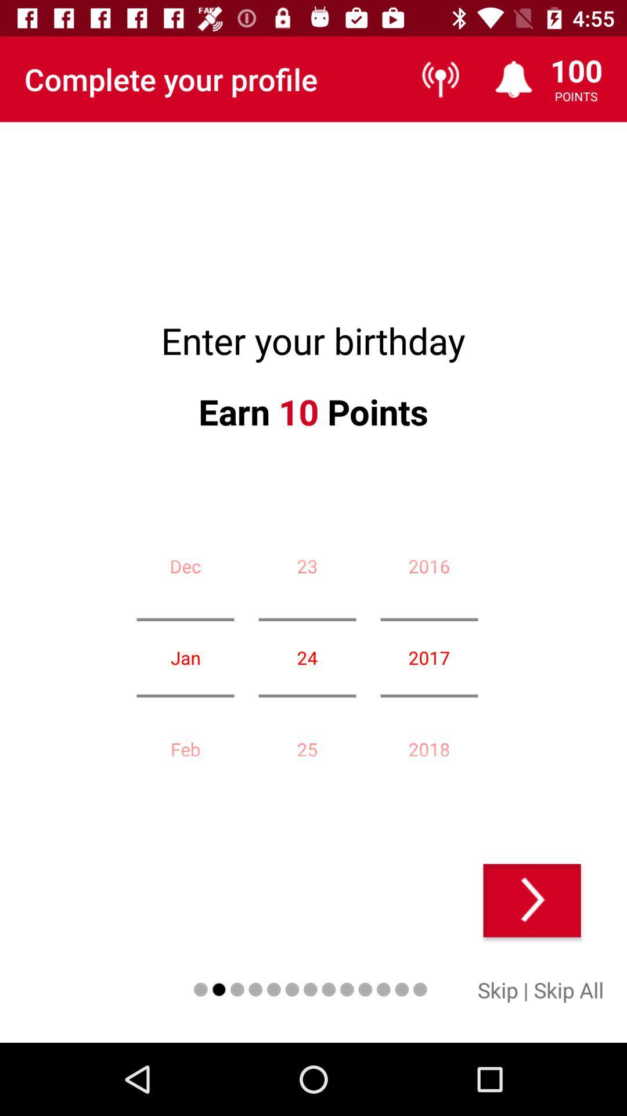 The height and width of the screenshot is (1116, 627). I want to click on next page, so click(532, 900).